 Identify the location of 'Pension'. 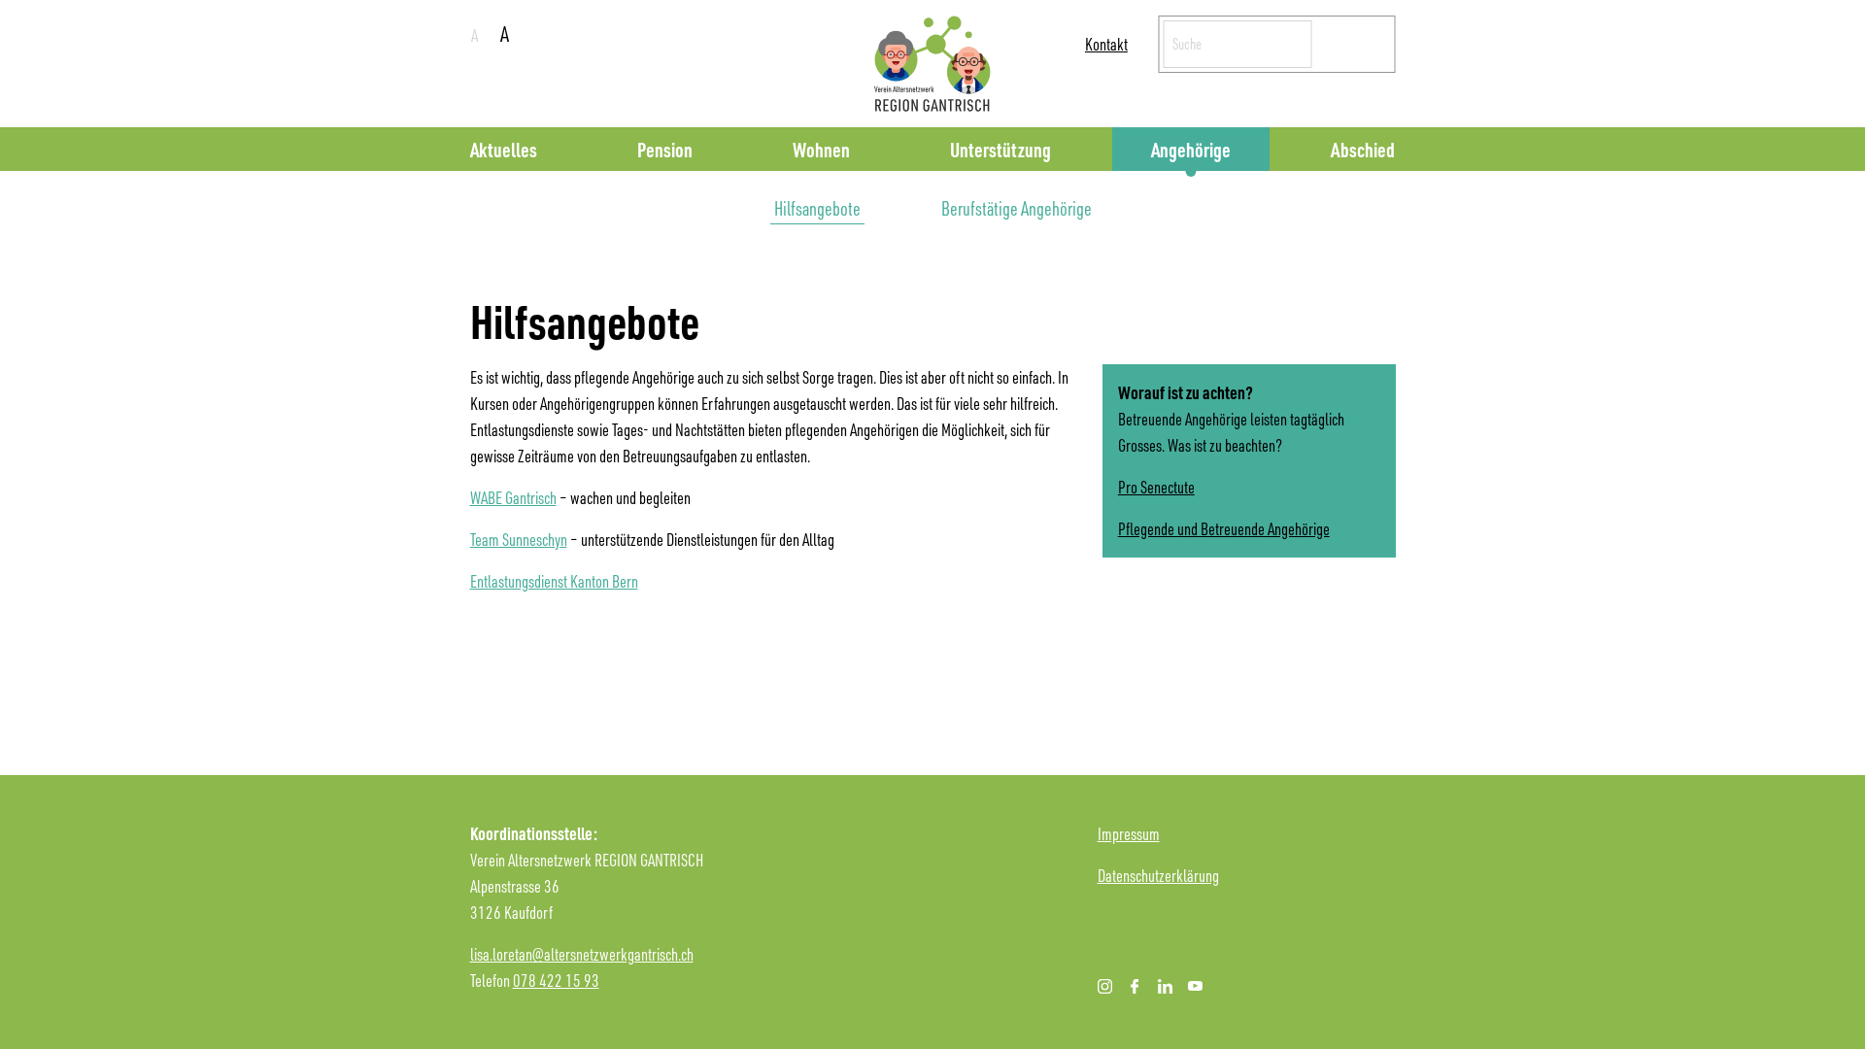
(664, 148).